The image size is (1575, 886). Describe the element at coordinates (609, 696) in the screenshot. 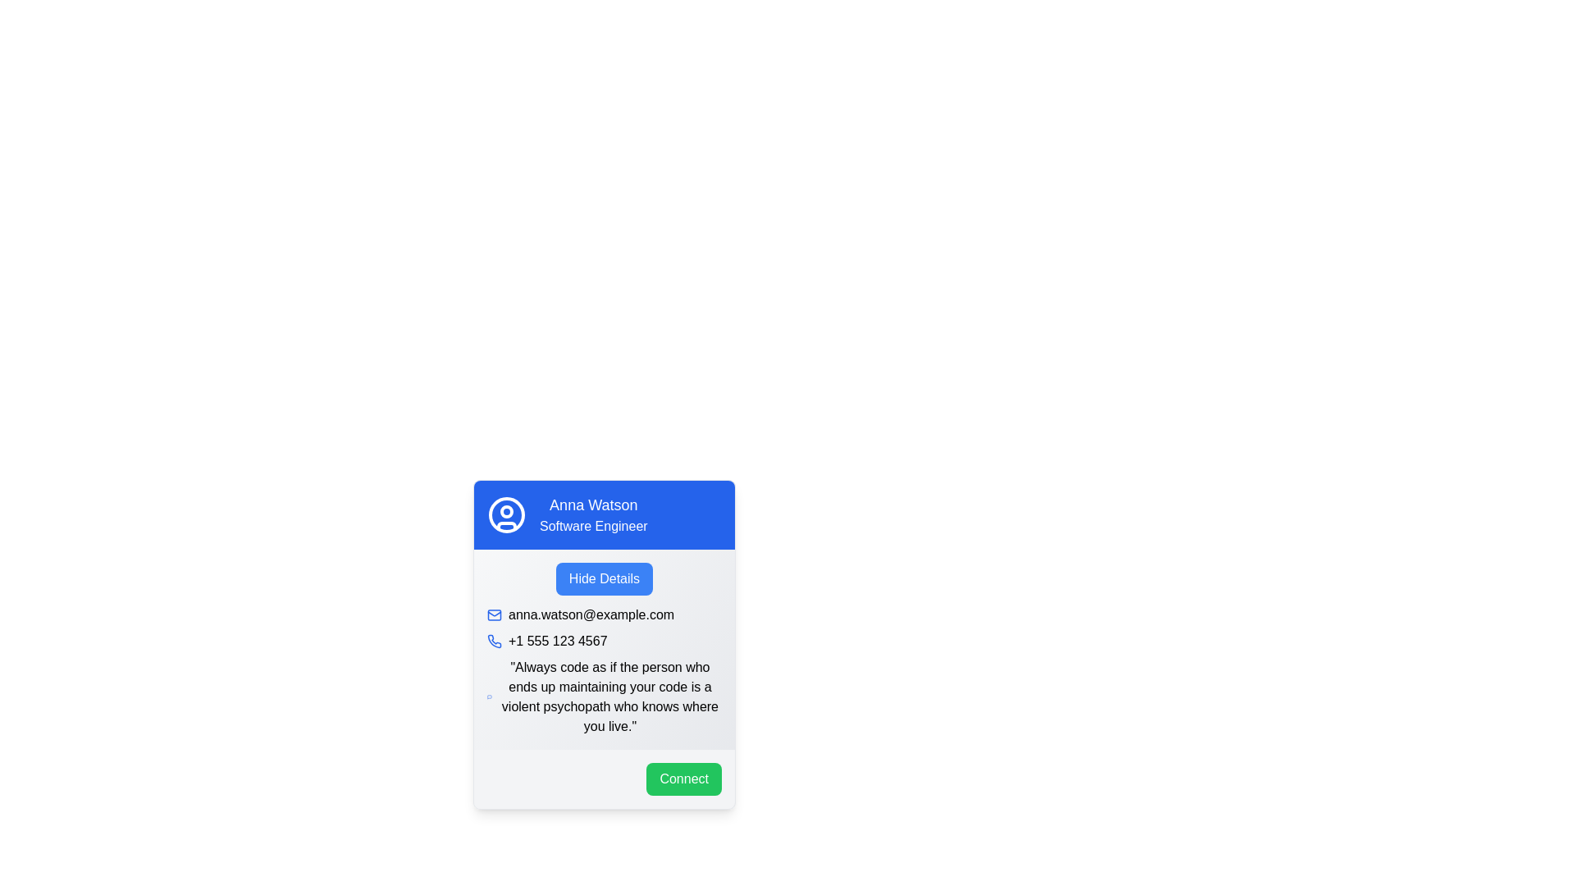

I see `text block displaying the quote: "Always code as if the person who ends up maintaining your code is a violent psychopath who knows where you live." located above the green 'Connect' button at the bottom of the card interface` at that location.